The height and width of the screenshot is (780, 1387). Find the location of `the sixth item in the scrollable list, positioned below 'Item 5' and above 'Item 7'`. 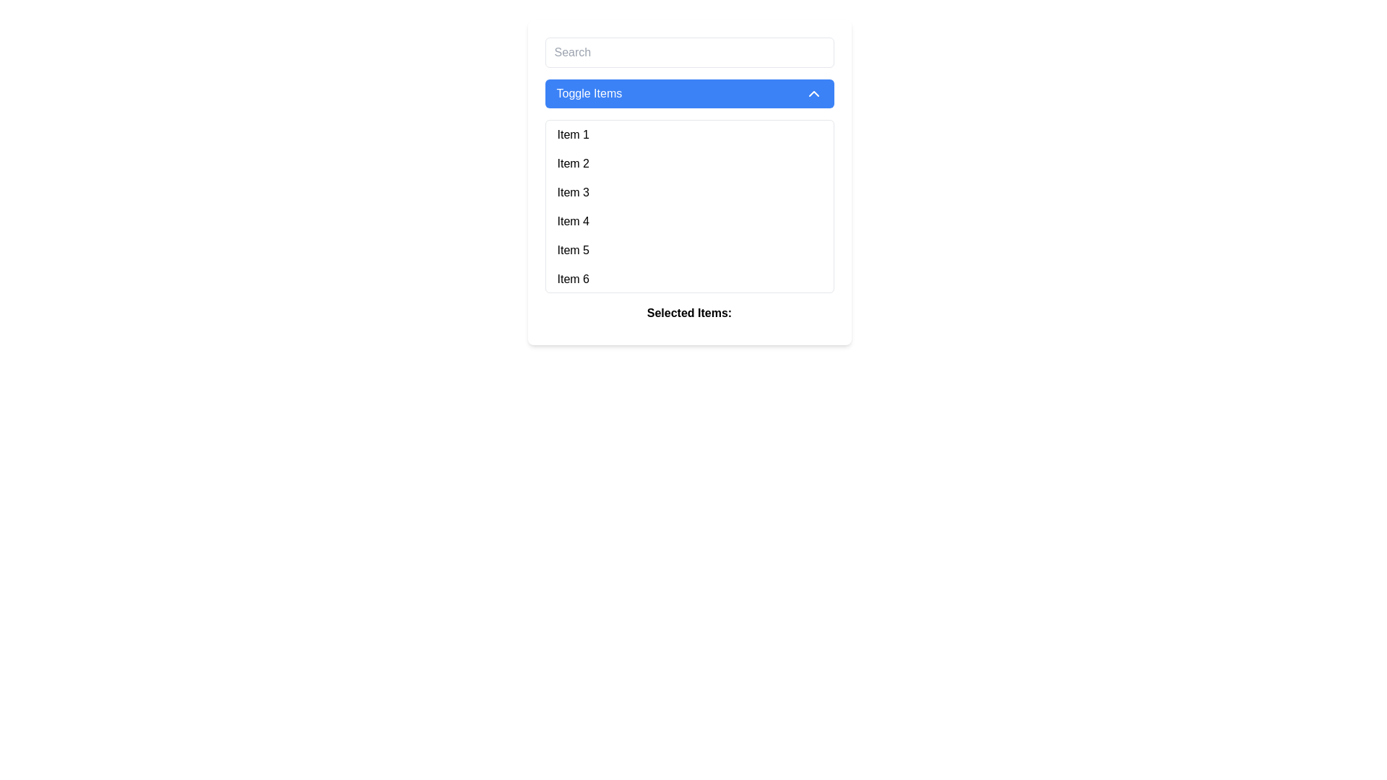

the sixth item in the scrollable list, positioned below 'Item 5' and above 'Item 7' is located at coordinates (688, 279).